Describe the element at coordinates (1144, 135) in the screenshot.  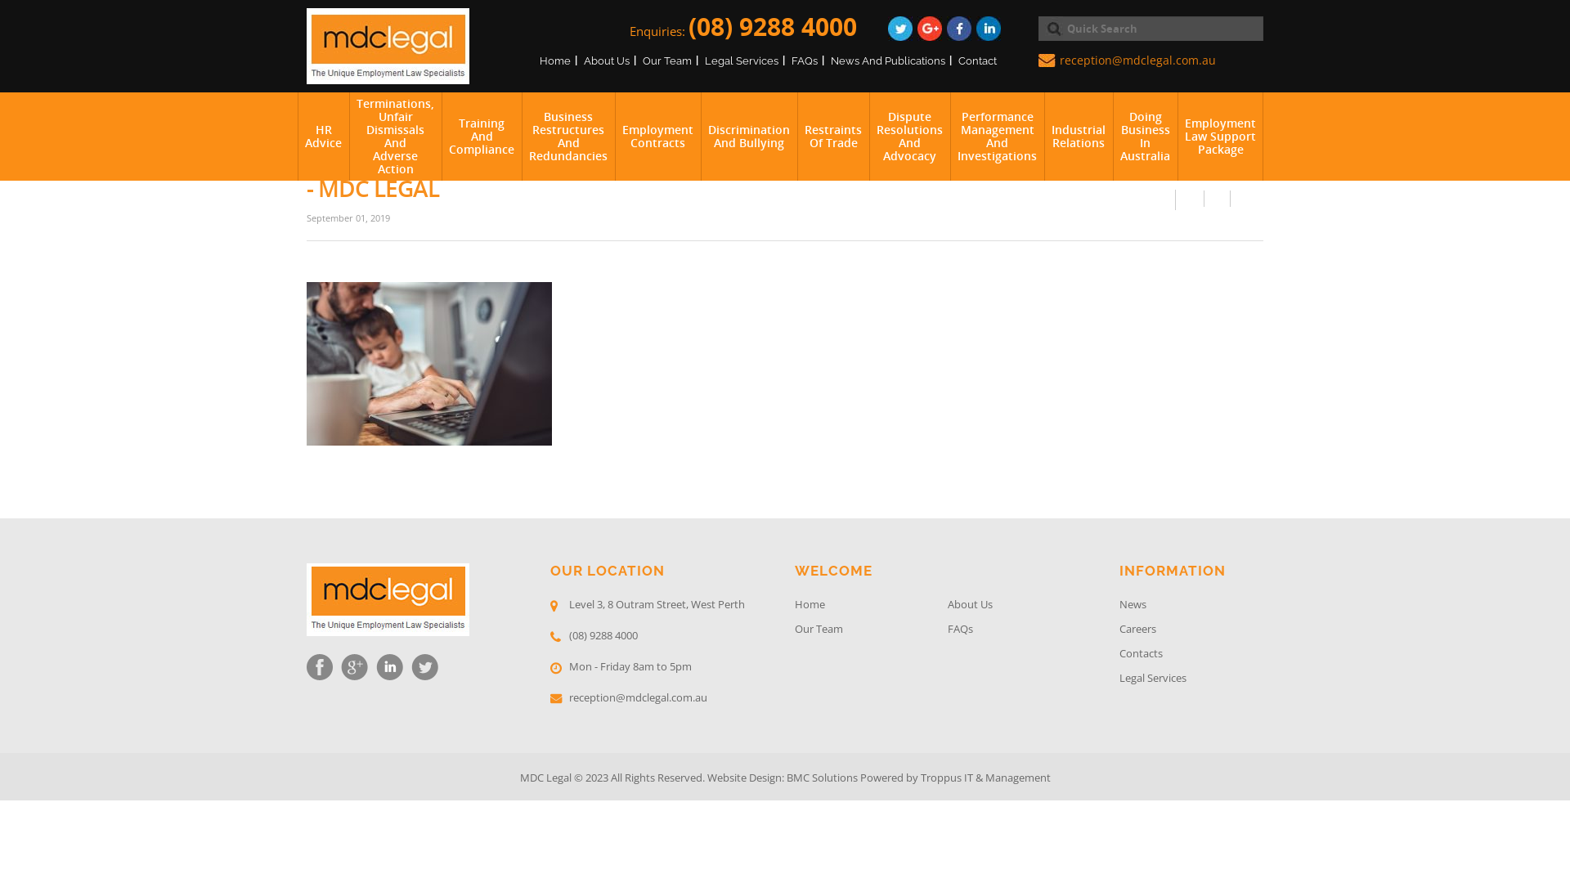
I see `'Doing Business` at that location.